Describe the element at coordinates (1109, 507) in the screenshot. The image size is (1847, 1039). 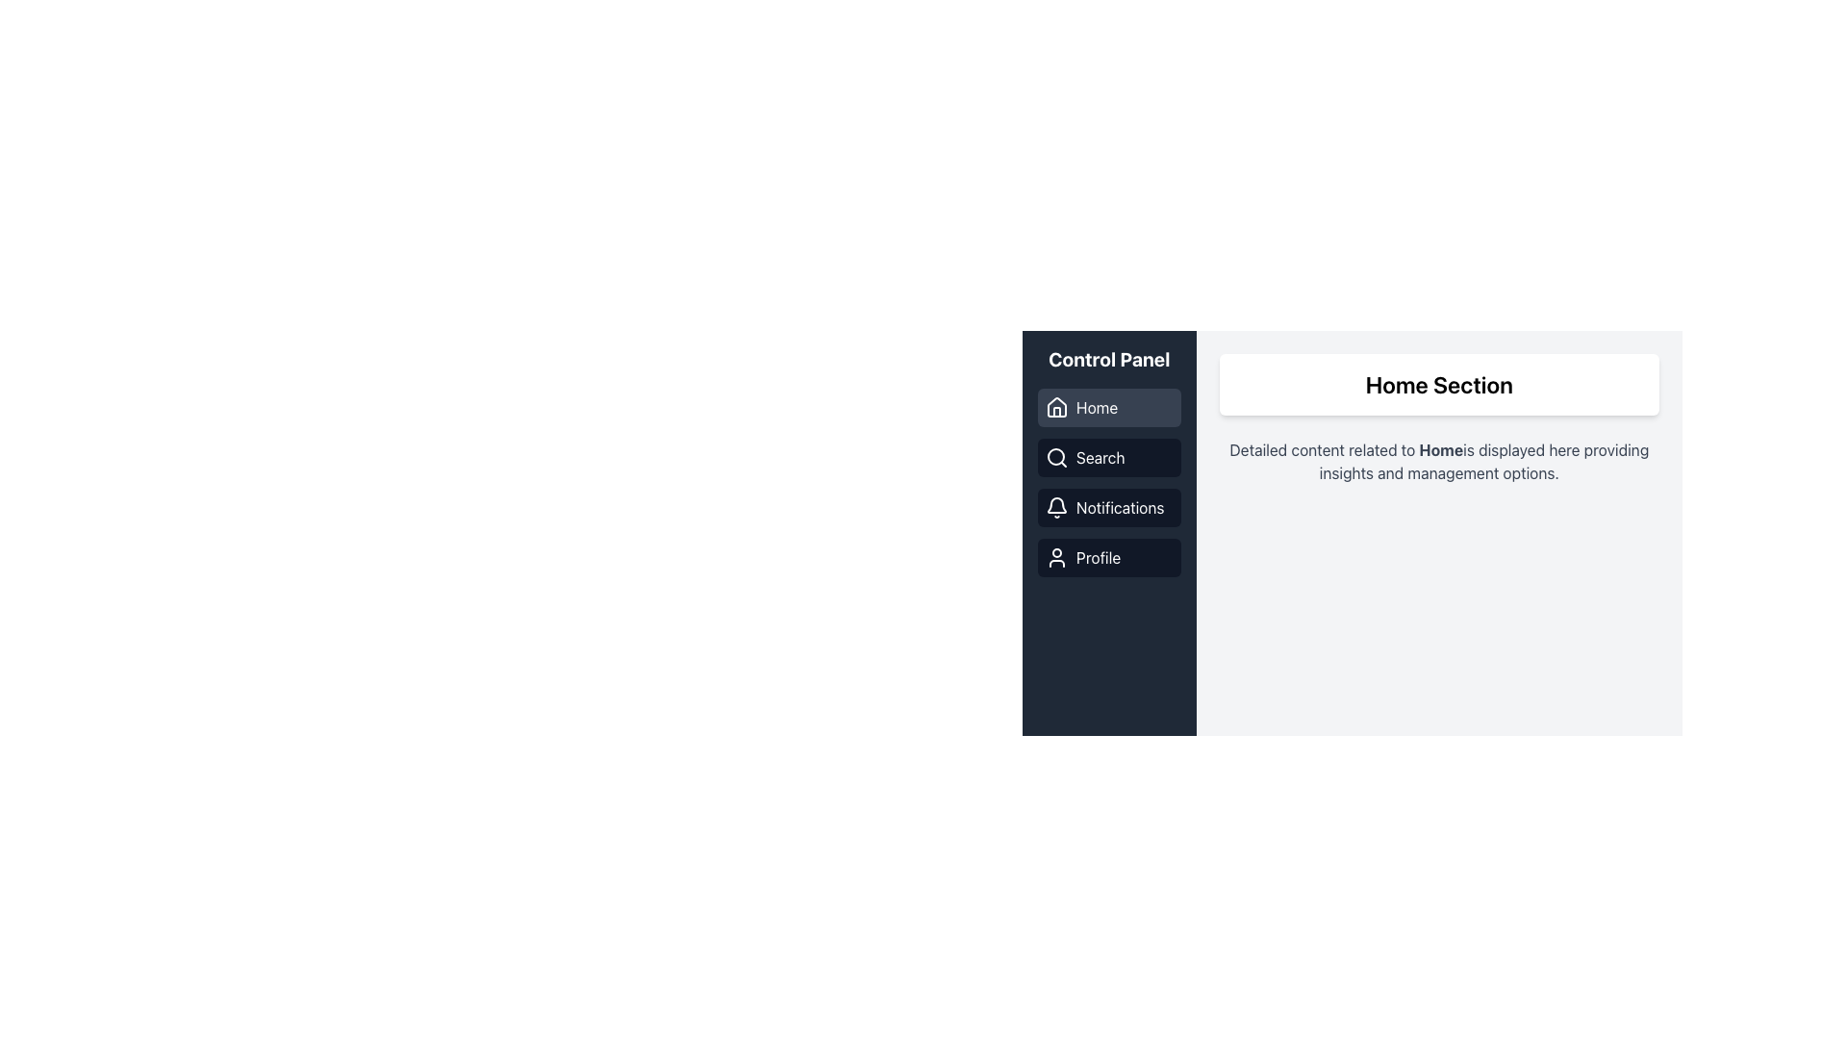
I see `the 'Notifications' button, which features a bell icon and white text on a dark background, located in the Control Panel navigation menu as the third option` at that location.